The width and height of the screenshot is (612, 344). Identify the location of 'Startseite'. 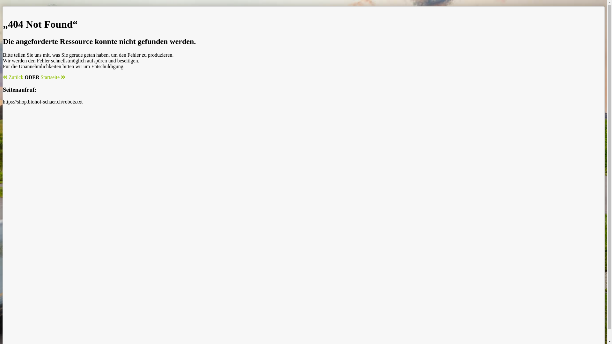
(53, 77).